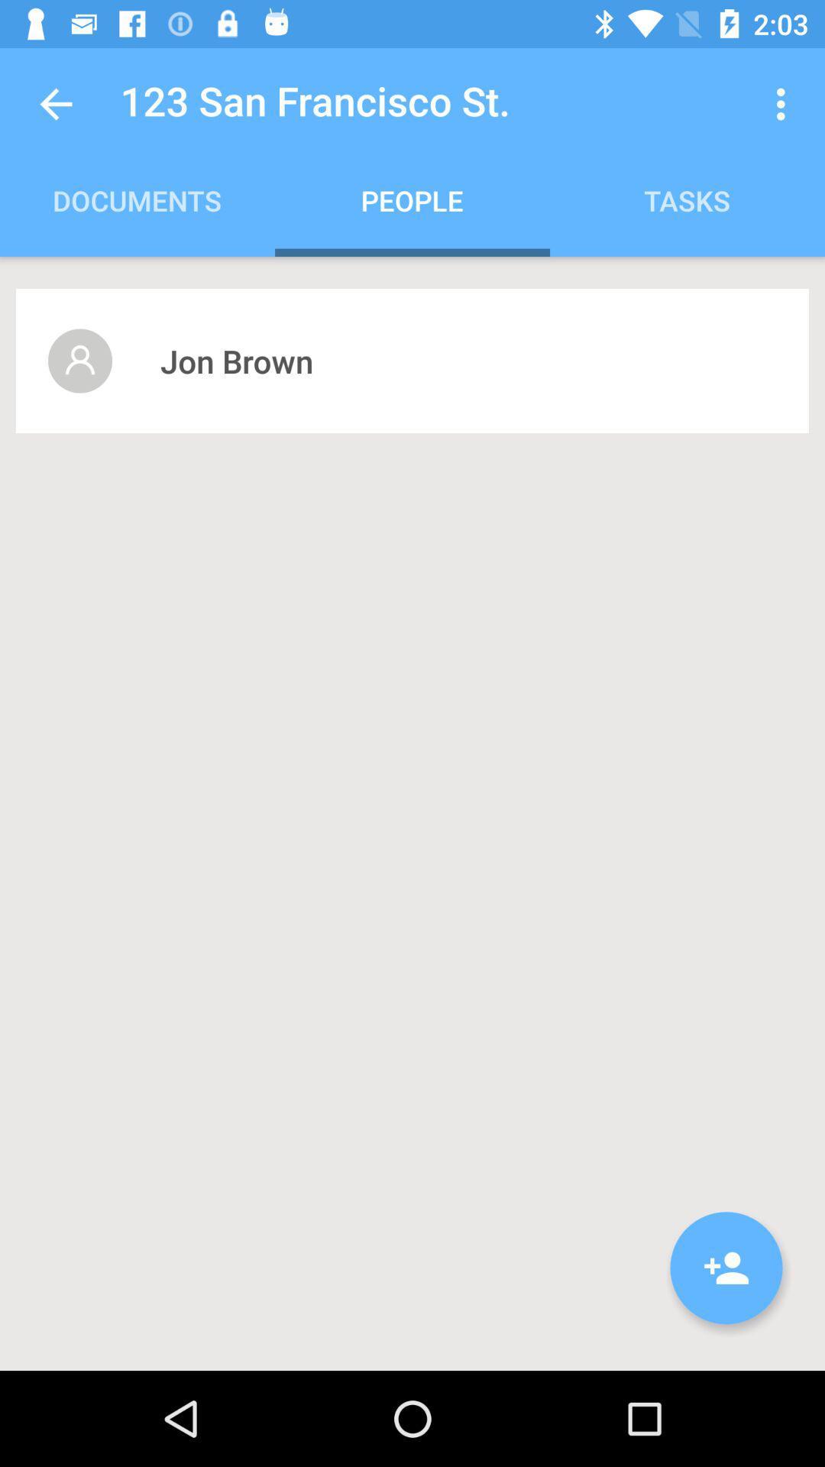 This screenshot has height=1467, width=825. Describe the element at coordinates (726, 1268) in the screenshot. I see `the follow icon` at that location.